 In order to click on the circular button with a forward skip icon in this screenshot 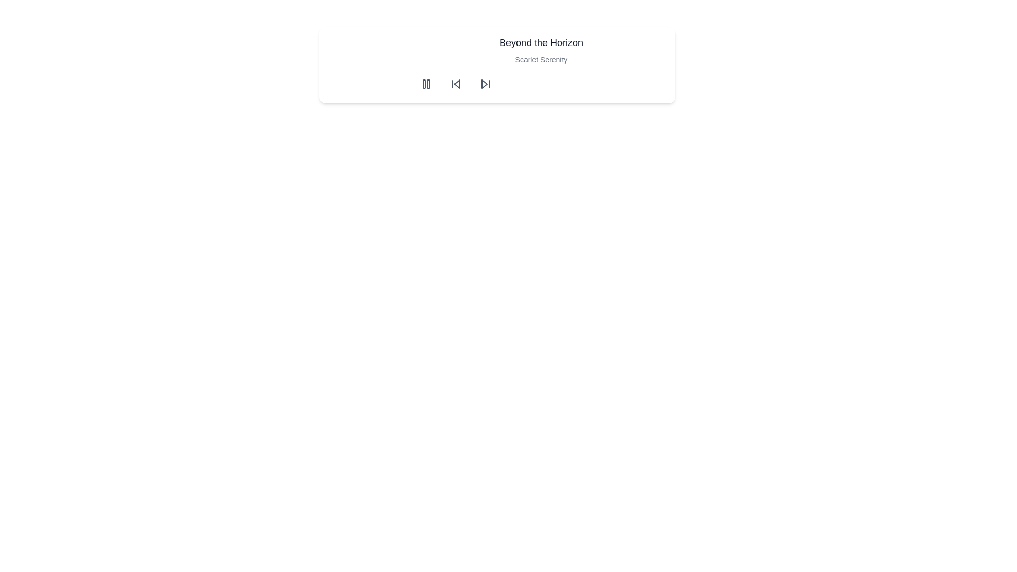, I will do `click(485, 83)`.